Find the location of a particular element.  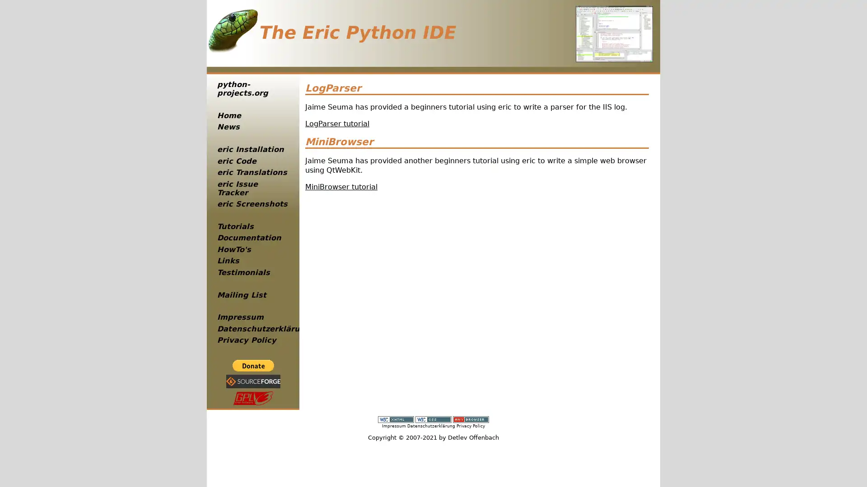

PayPal - The safer, easier way to pay online! is located at coordinates (253, 365).